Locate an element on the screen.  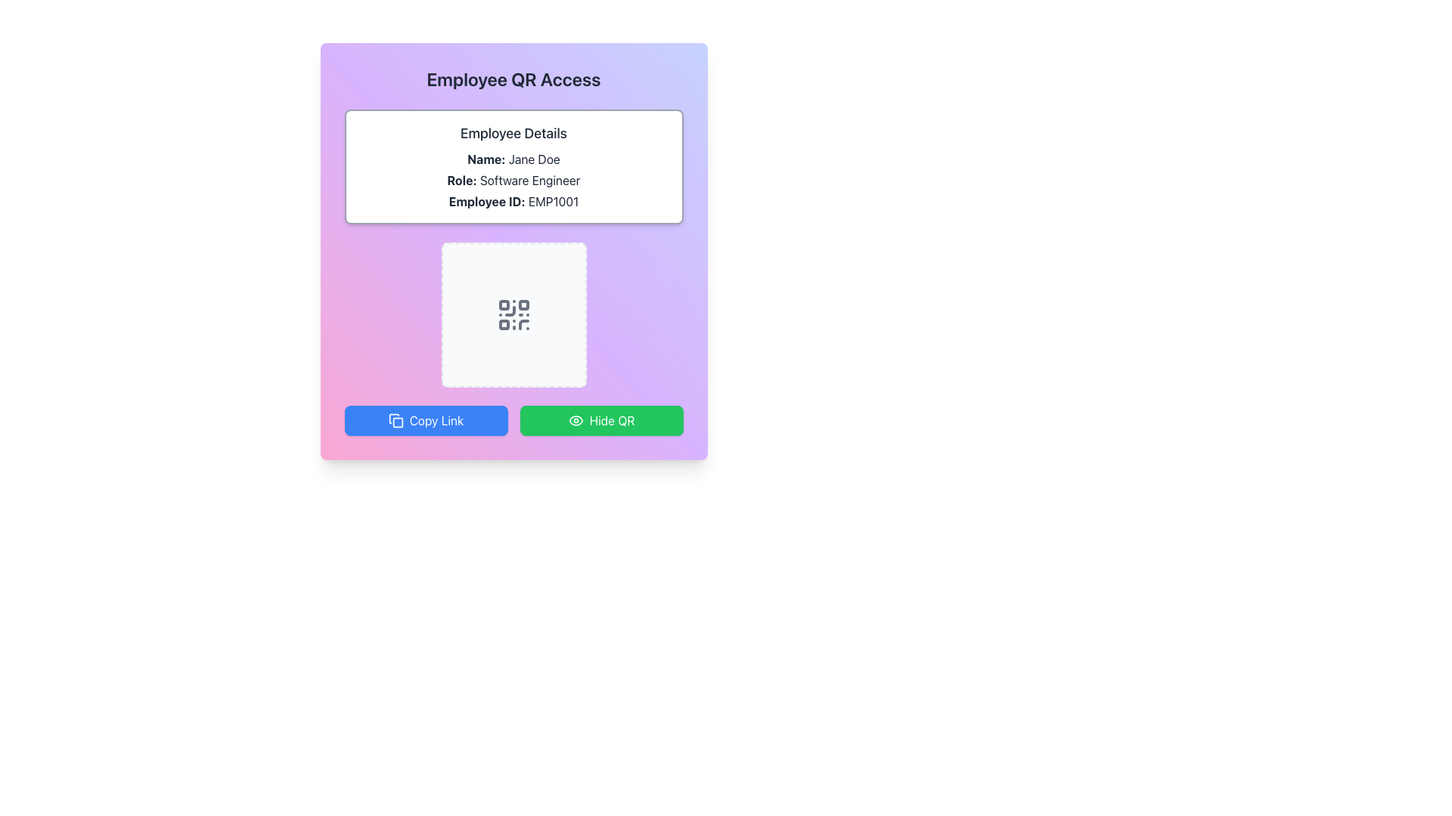
the 'Copy Link' button, which is a rectangular button with a bright blue background, white text, and an icon of stacked rectangles, located at the bottom-left of a two-button layout is located at coordinates (425, 420).